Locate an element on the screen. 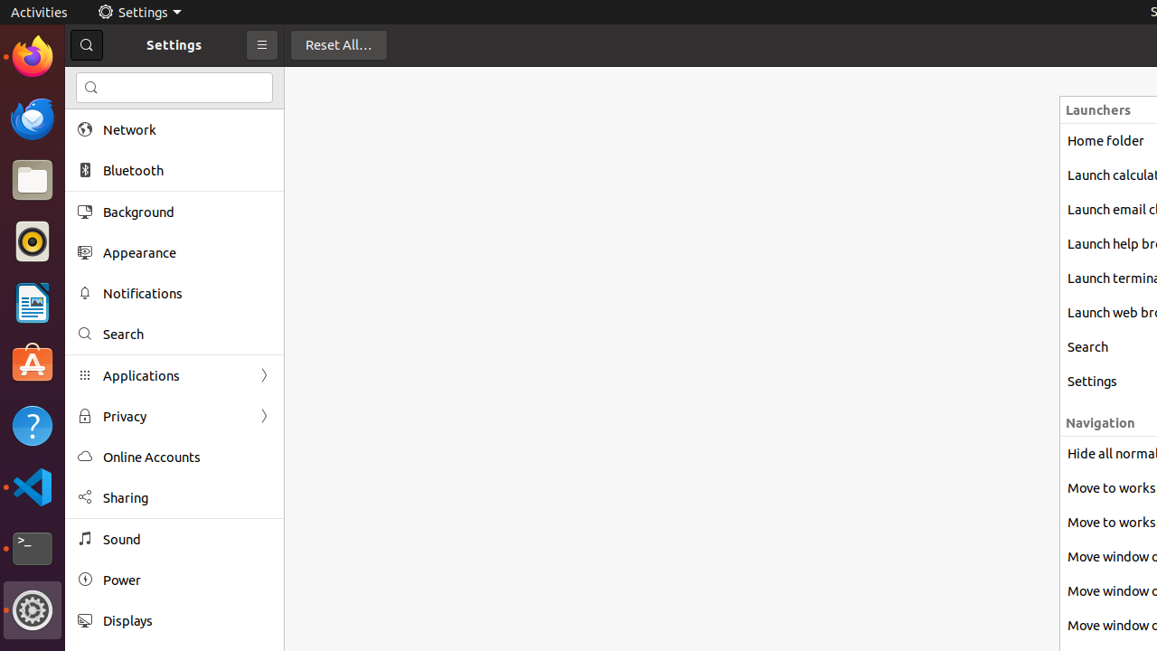 This screenshot has height=651, width=1157. 'Bluetooth' is located at coordinates (186, 170).